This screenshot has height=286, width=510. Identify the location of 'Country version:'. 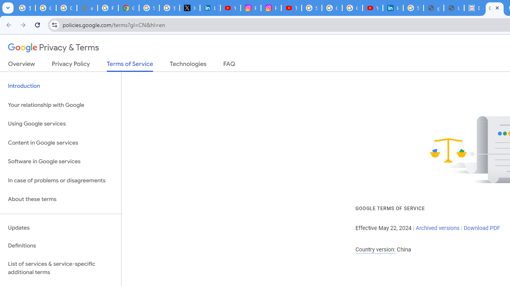
(375, 249).